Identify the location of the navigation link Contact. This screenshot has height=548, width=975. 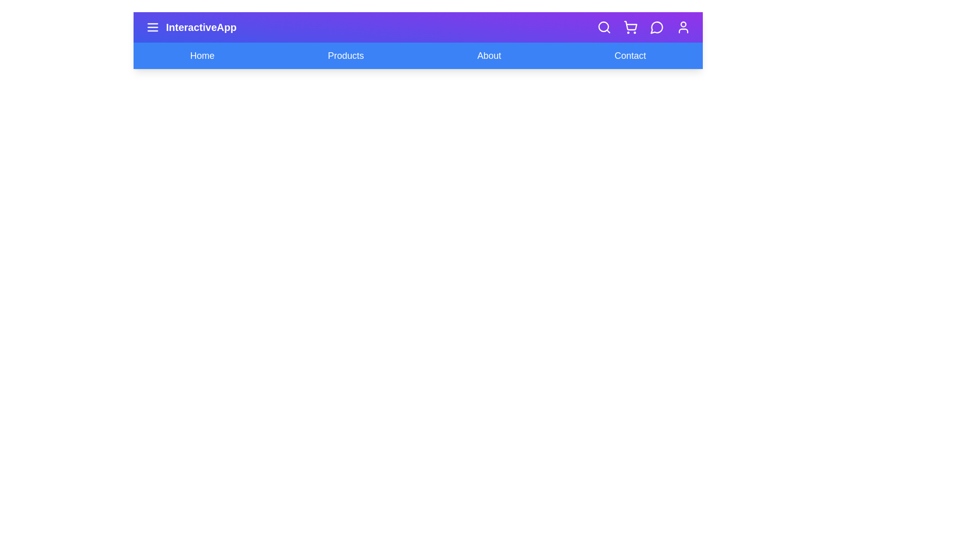
(630, 56).